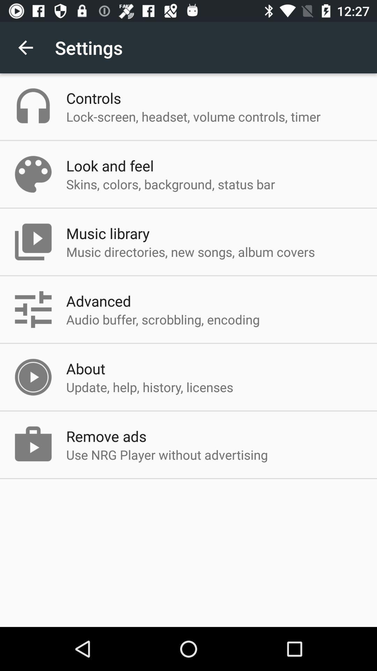  I want to click on app below music library item, so click(191, 252).